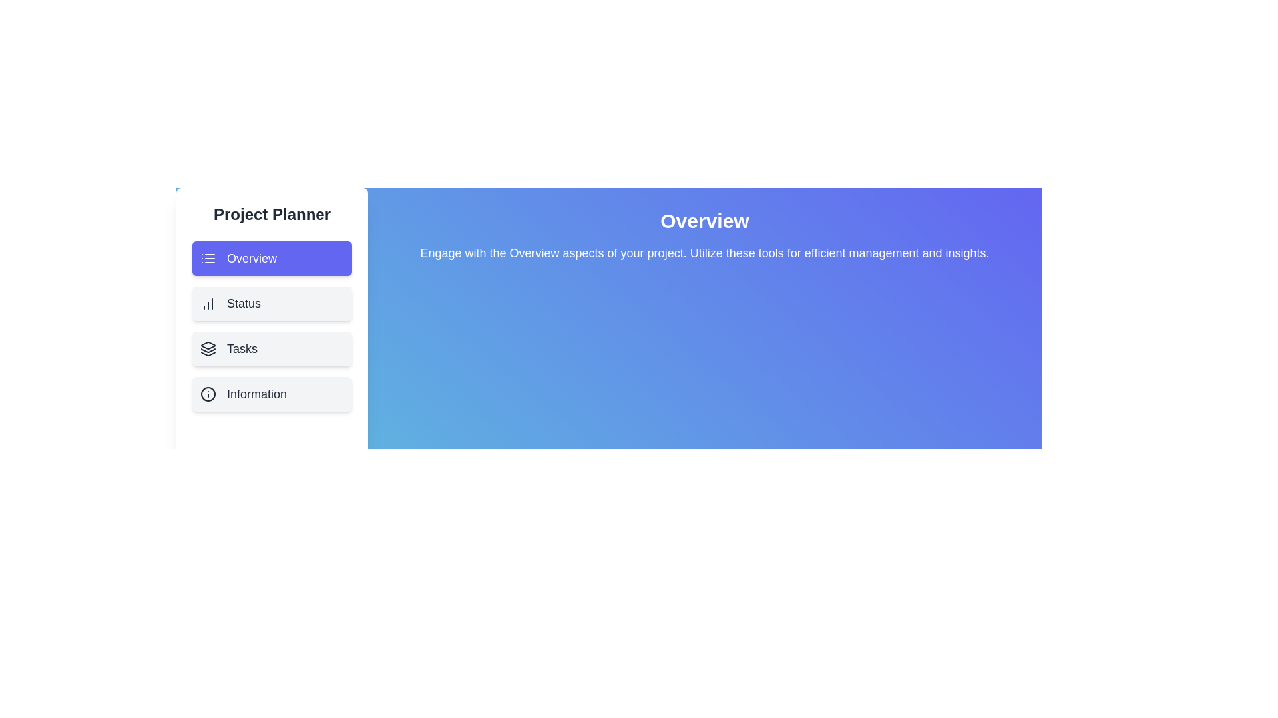 This screenshot has height=718, width=1278. I want to click on the sidebar menu item corresponding to Overview, so click(271, 259).